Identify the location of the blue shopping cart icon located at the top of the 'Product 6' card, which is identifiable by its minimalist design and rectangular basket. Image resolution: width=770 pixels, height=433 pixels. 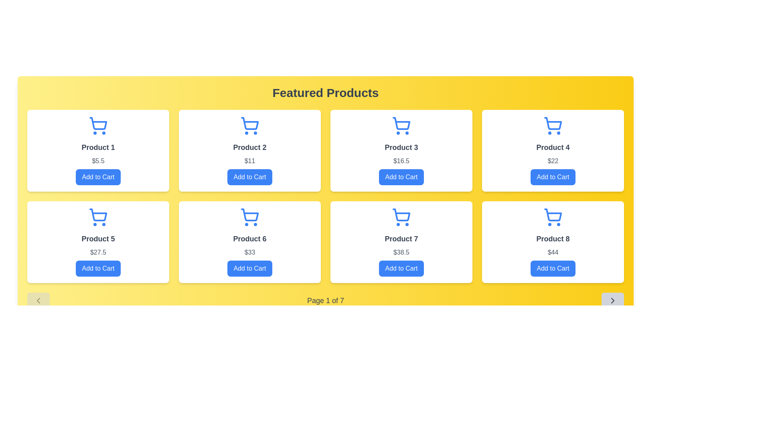
(249, 217).